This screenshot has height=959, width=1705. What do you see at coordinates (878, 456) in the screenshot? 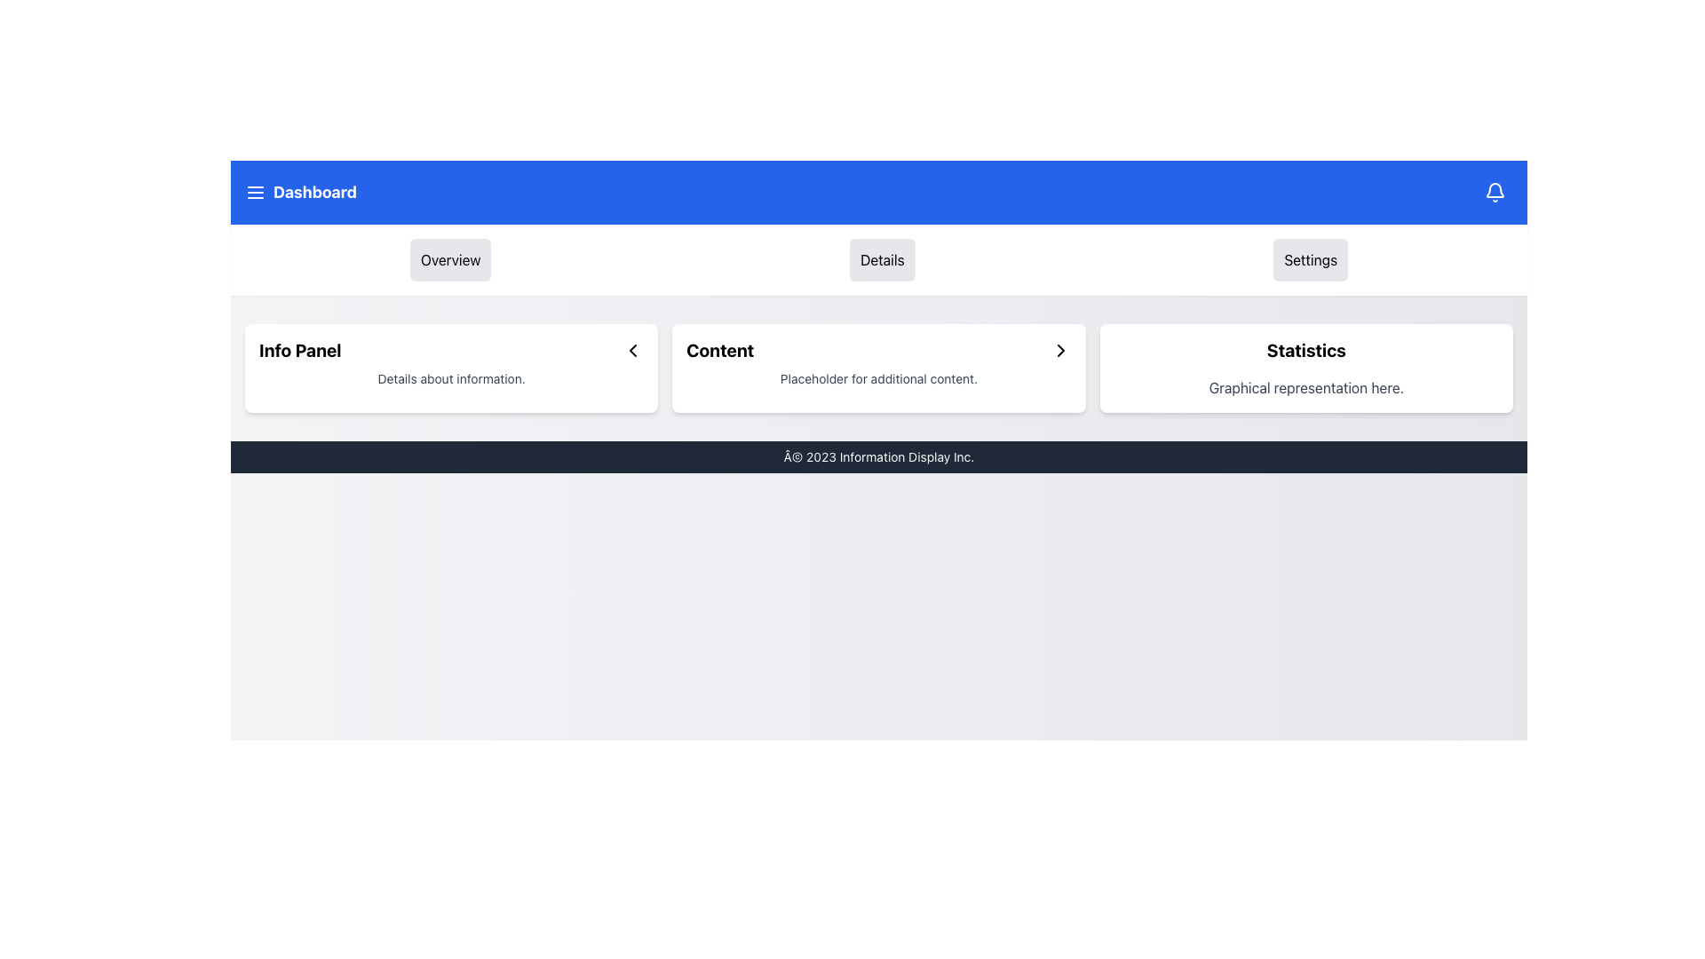
I see `text content displayed in the footer bar which has a dark gray background and white text, indicating copyright notice` at bounding box center [878, 456].